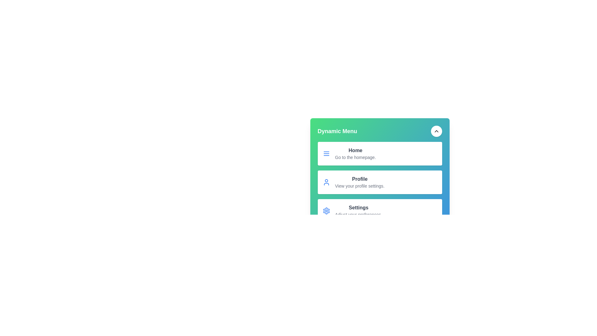  Describe the element at coordinates (355, 153) in the screenshot. I see `the 'Home' text label, which is bold and larger, located at the top of a white background card, beneath the 'Dynamic Menu' header` at that location.